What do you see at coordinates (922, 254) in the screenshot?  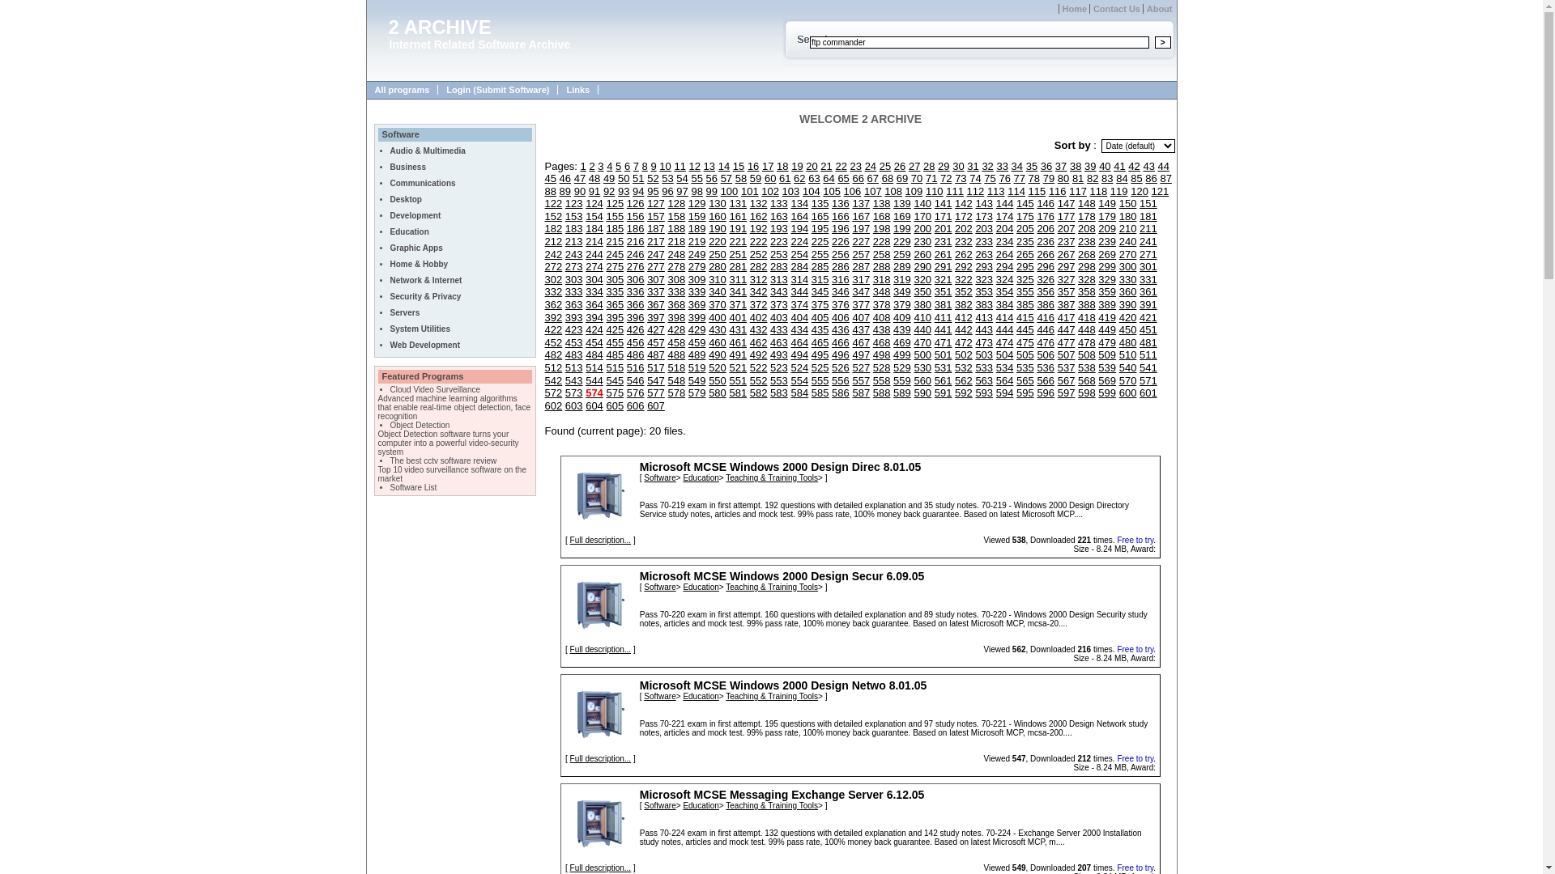 I see `'260'` at bounding box center [922, 254].